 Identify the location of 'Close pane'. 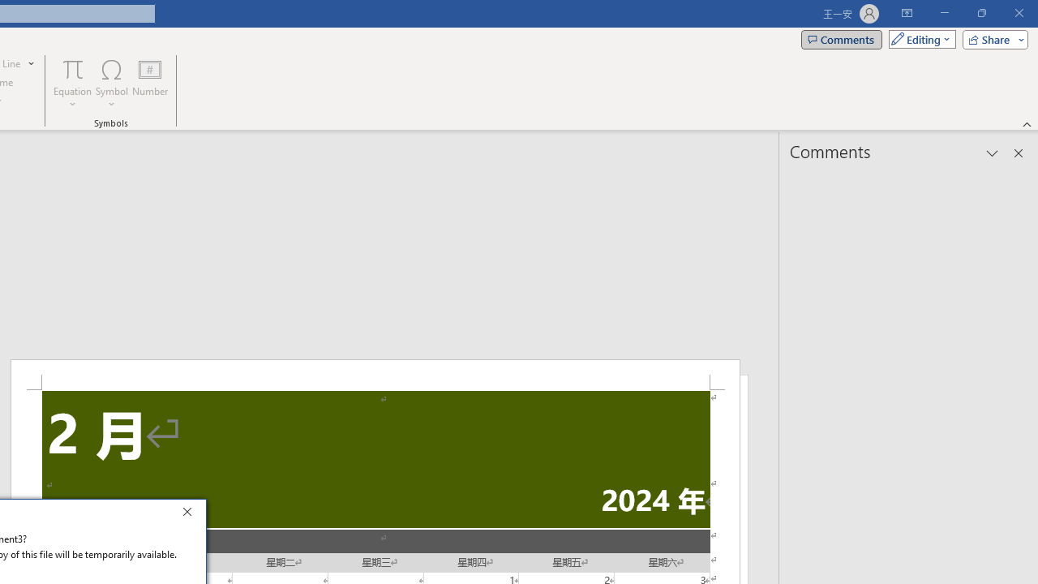
(1018, 153).